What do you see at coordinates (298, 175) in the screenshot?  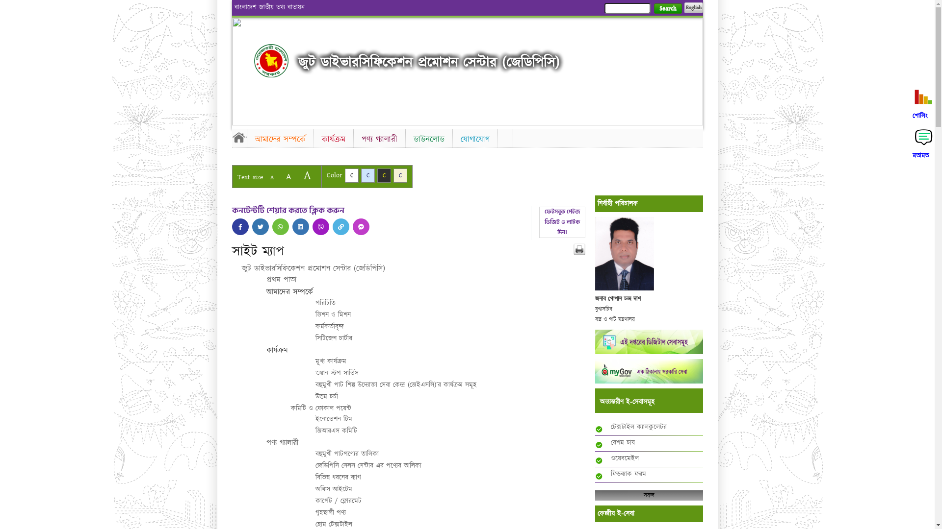 I see `'A'` at bounding box center [298, 175].